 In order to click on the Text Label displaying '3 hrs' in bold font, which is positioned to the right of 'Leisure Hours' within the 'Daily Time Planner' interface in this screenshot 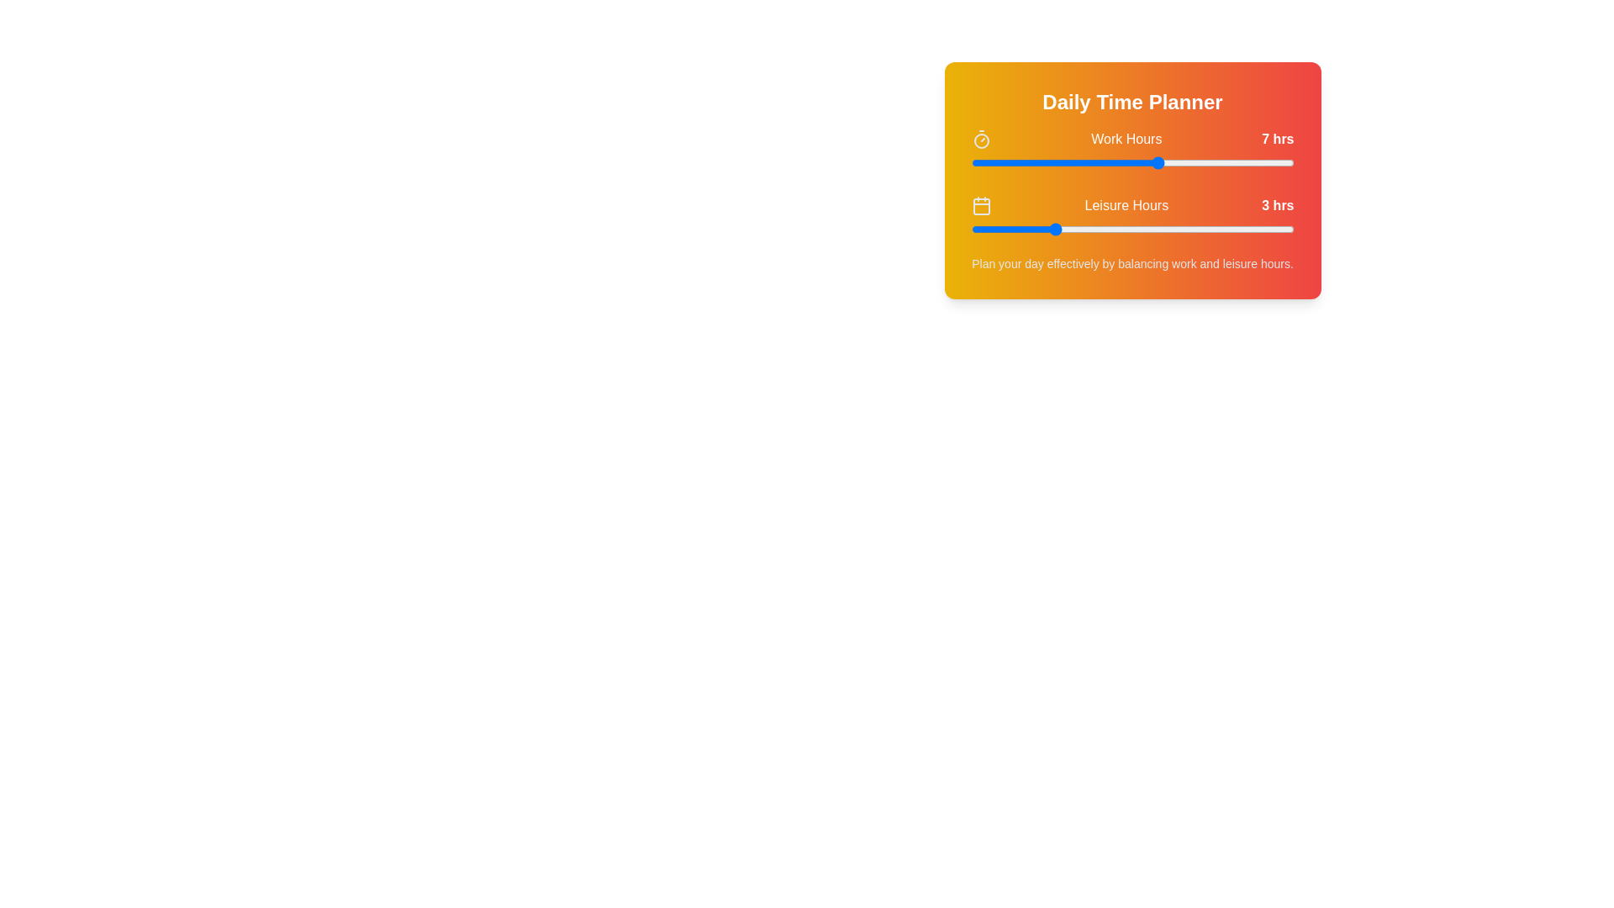, I will do `click(1278, 205)`.